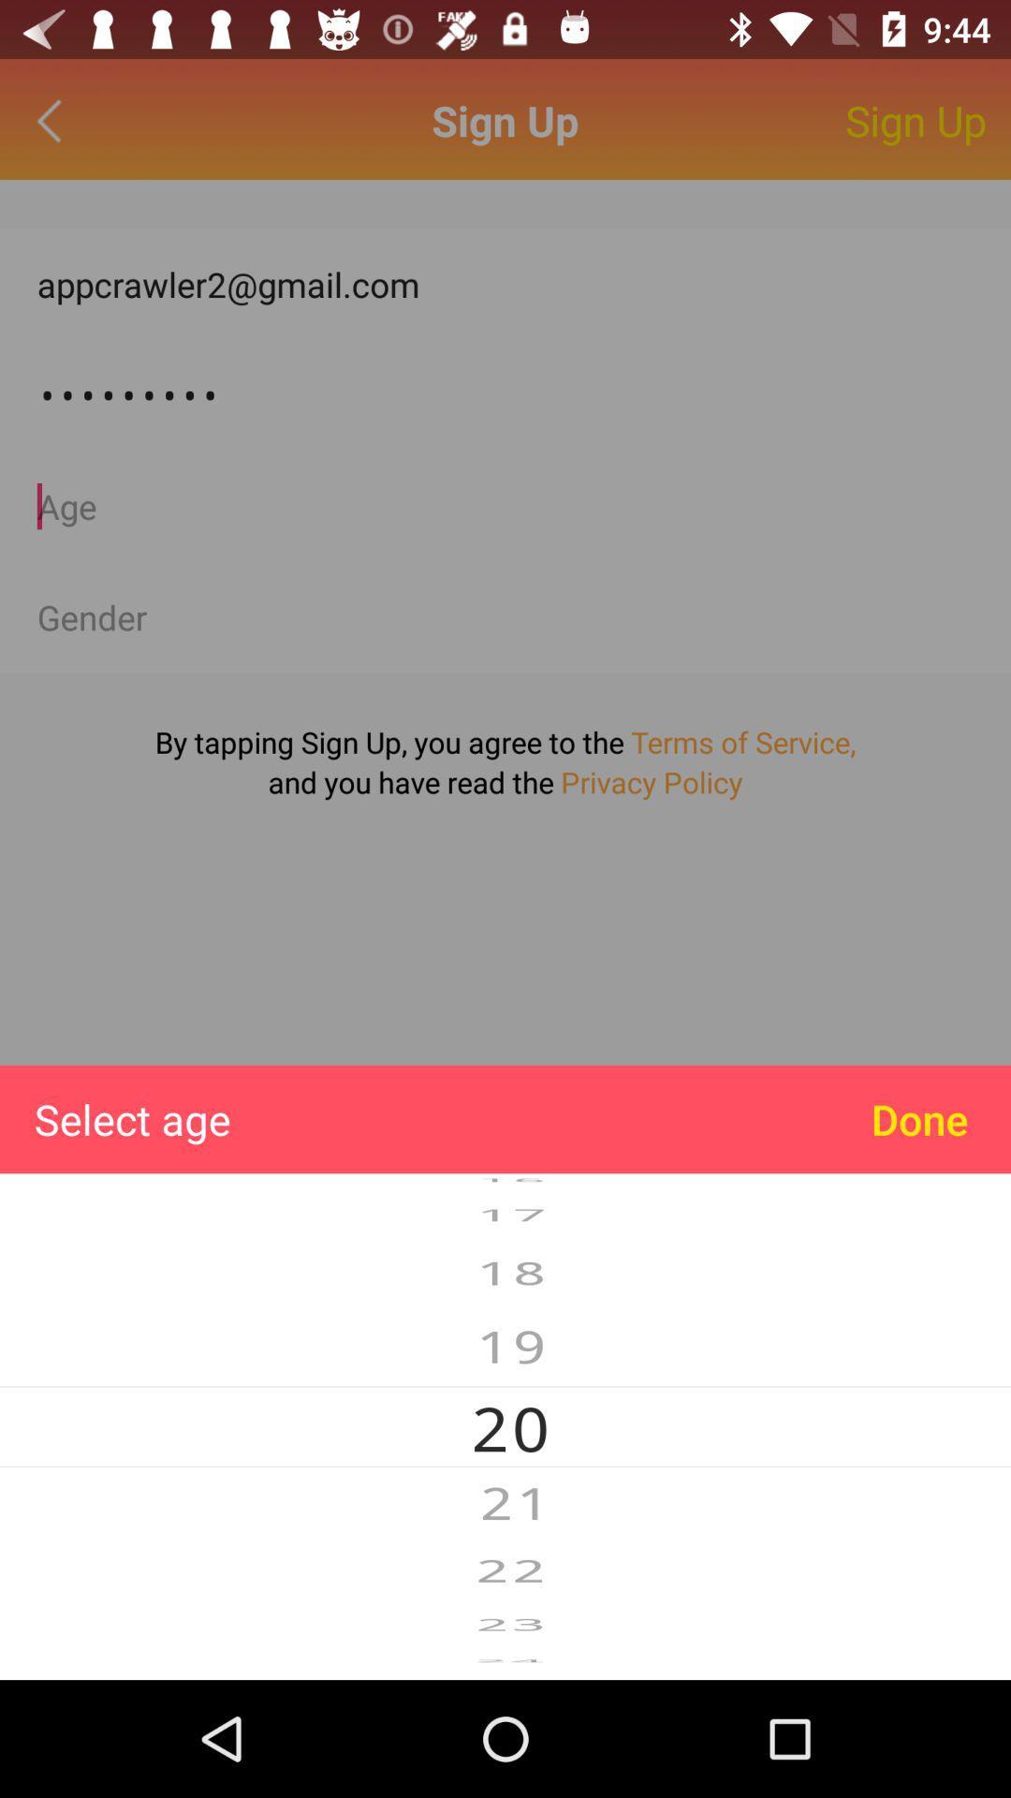  Describe the element at coordinates (505, 617) in the screenshot. I see `a gender` at that location.